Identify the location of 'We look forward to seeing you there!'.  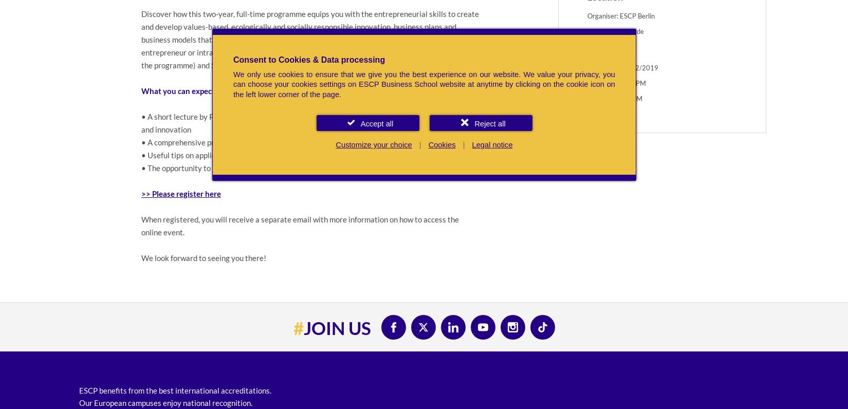
(204, 257).